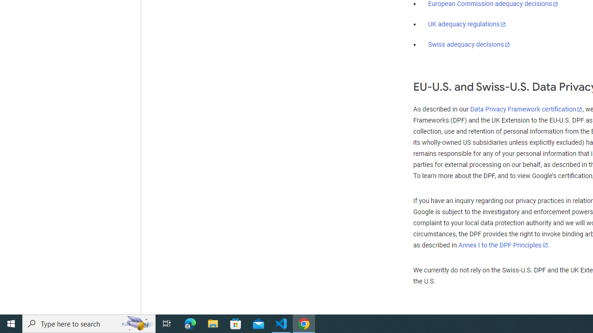 The width and height of the screenshot is (593, 333). I want to click on 'UK adequacy regulations', so click(467, 24).